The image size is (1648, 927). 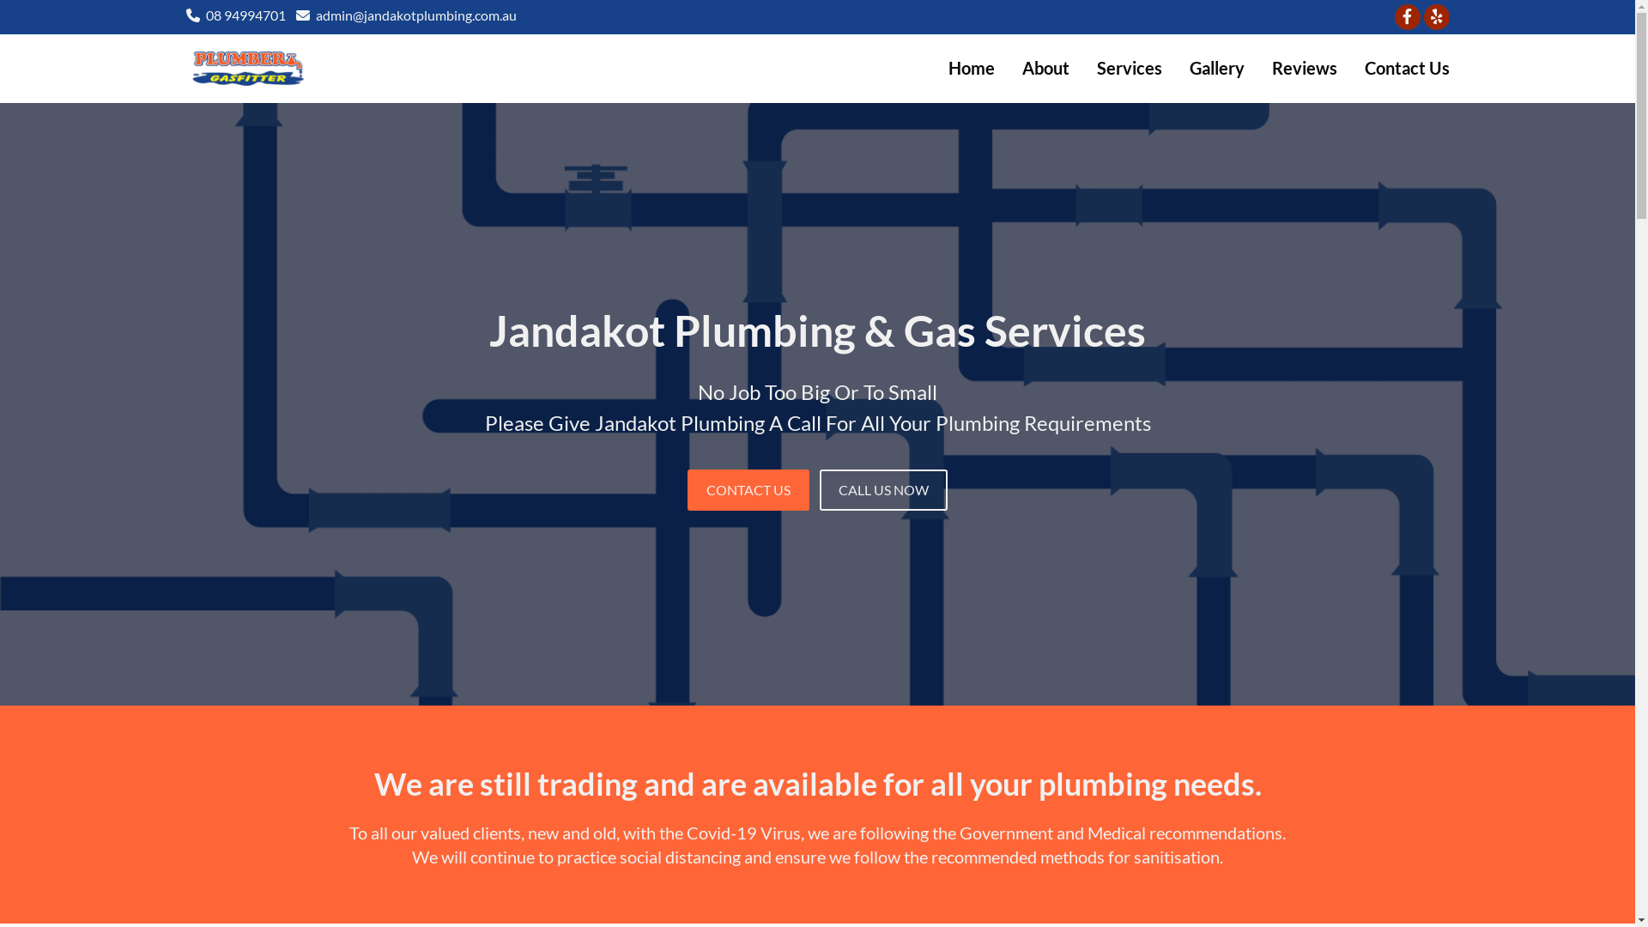 What do you see at coordinates (971, 66) in the screenshot?
I see `'Home'` at bounding box center [971, 66].